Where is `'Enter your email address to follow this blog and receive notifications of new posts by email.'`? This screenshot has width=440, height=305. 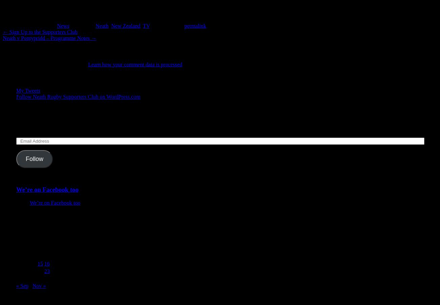
'Enter your email address to follow this blog and receive notifications of new posts by email.' is located at coordinates (115, 123).